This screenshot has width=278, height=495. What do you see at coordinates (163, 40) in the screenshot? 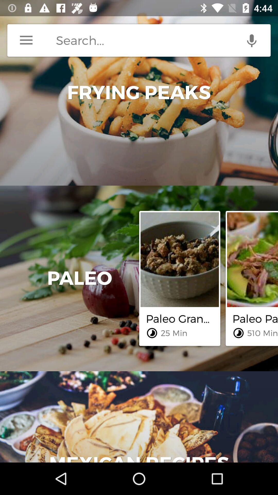
I see `search bar` at bounding box center [163, 40].